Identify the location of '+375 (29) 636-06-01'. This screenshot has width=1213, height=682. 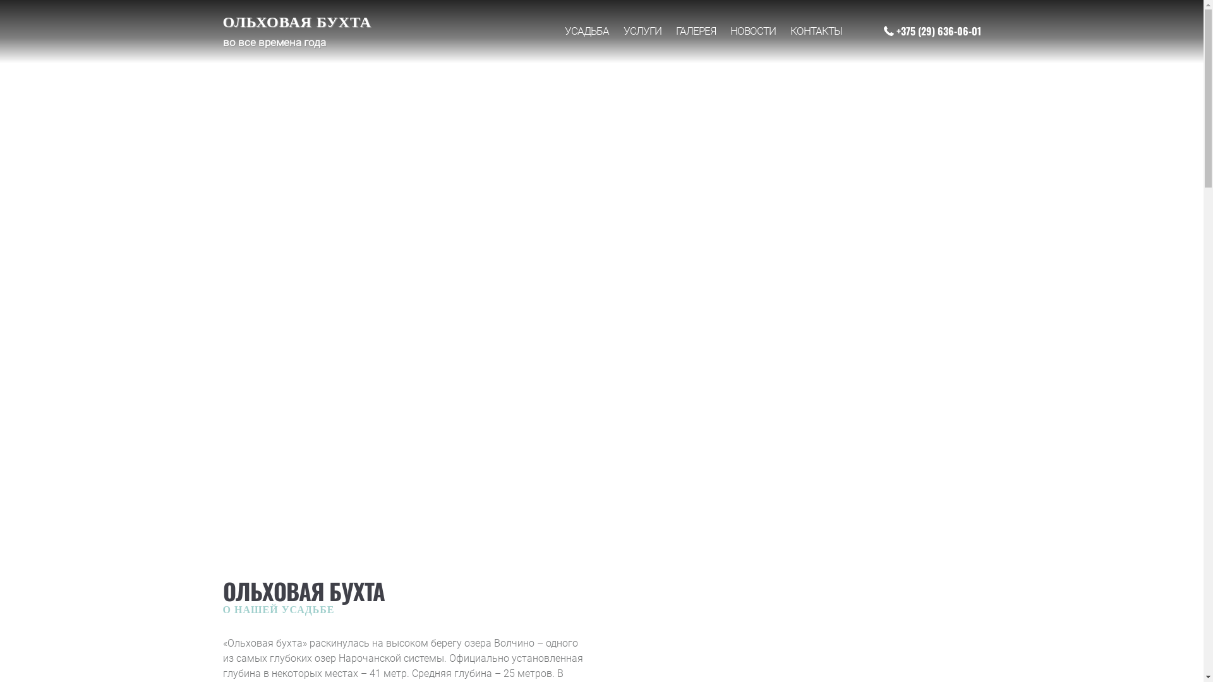
(931, 30).